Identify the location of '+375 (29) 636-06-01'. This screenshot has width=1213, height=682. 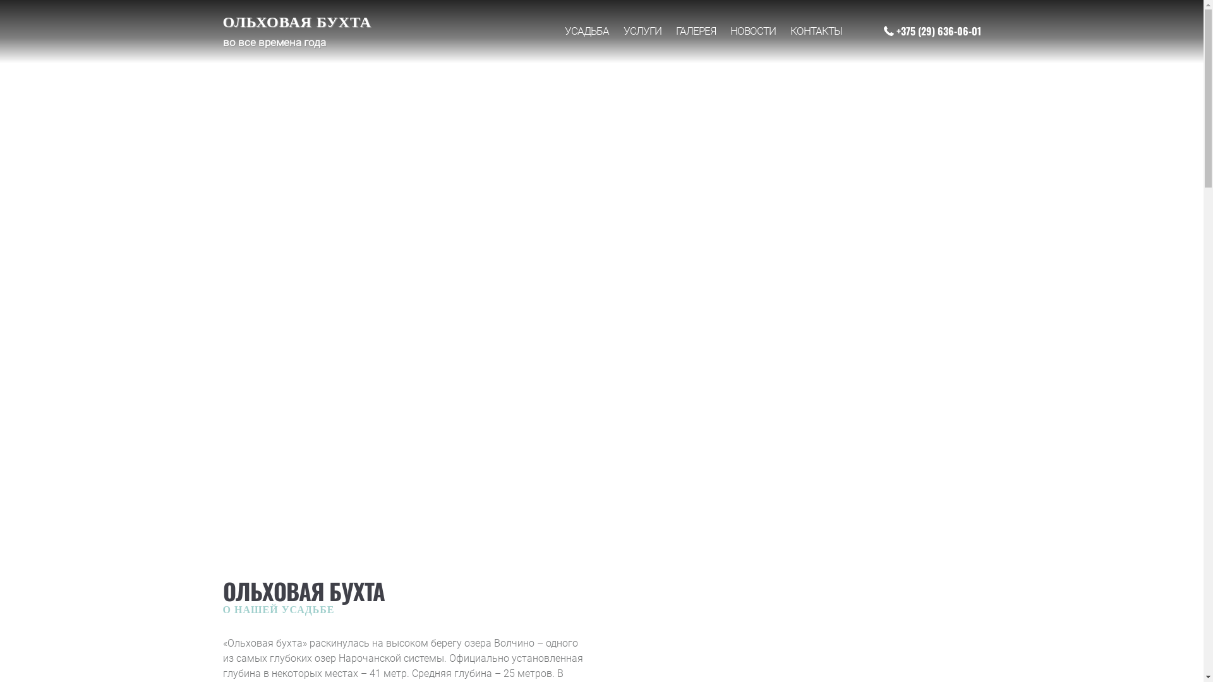
(931, 30).